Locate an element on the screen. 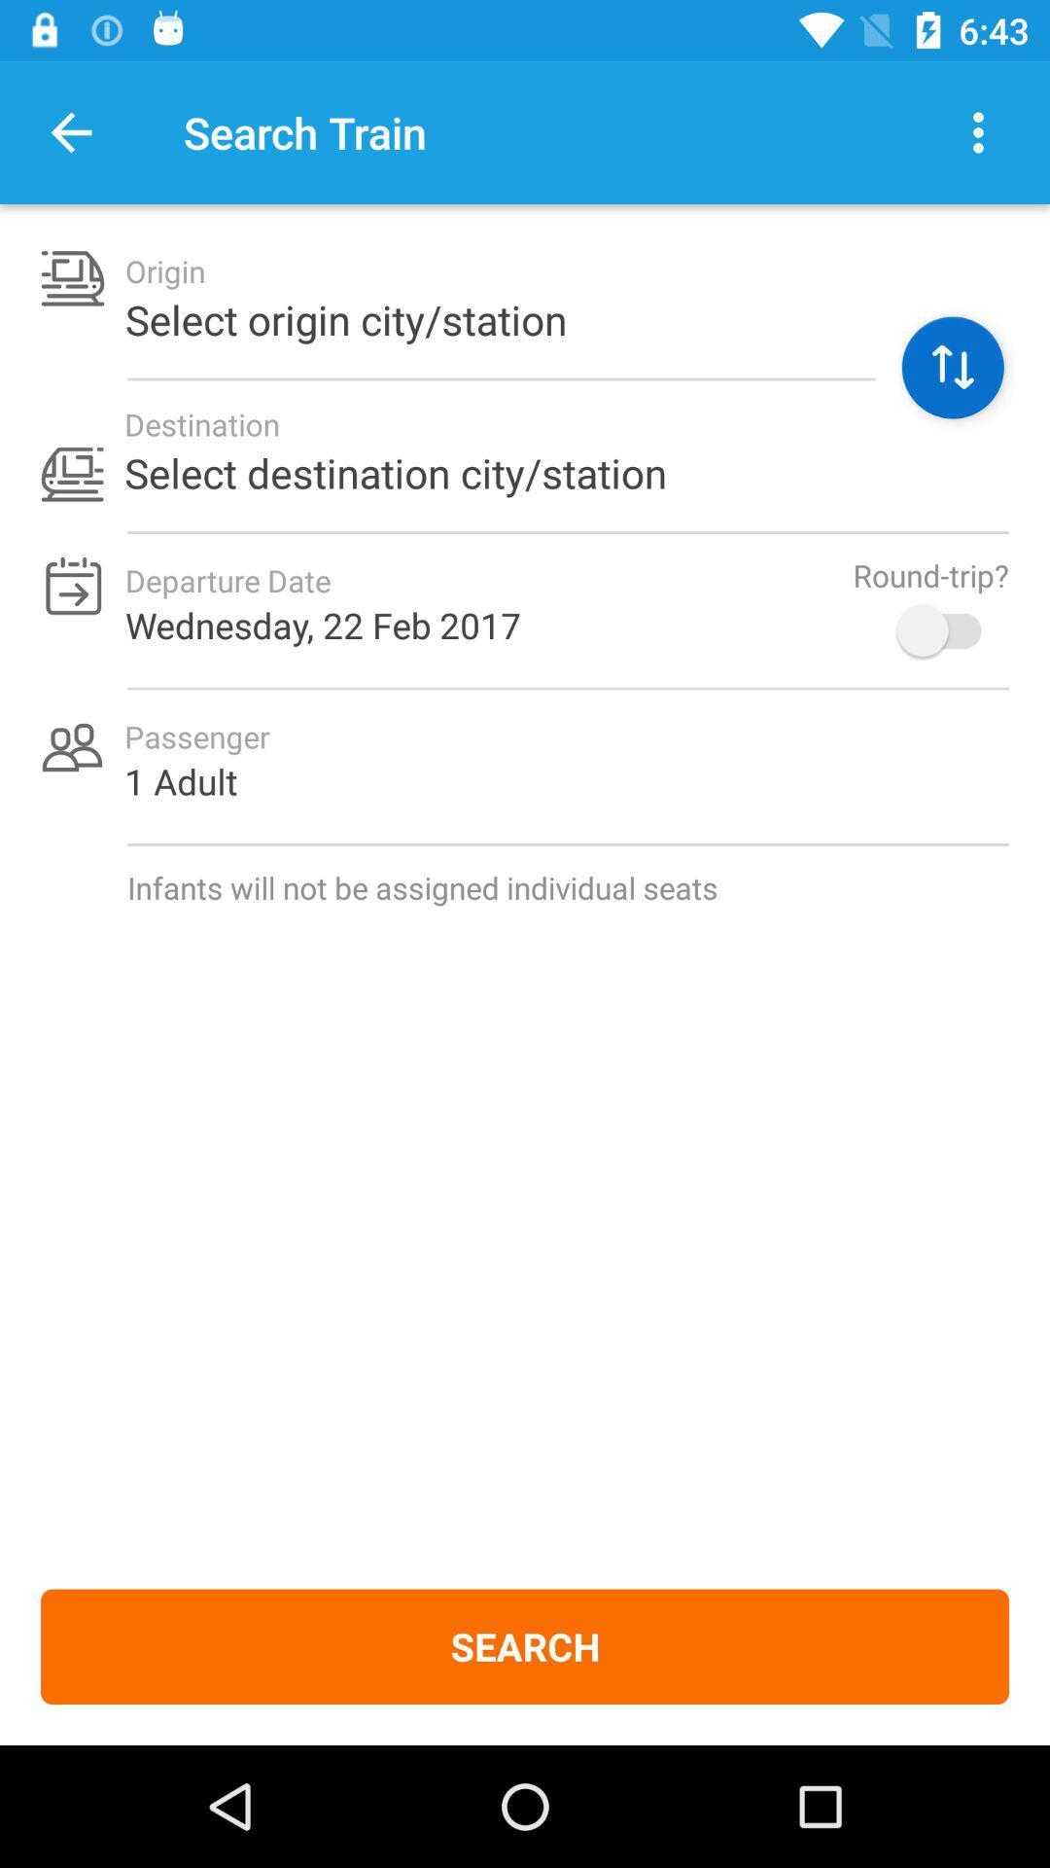 This screenshot has width=1050, height=1868. item to the right of wednesday 22 feb icon is located at coordinates (947, 630).